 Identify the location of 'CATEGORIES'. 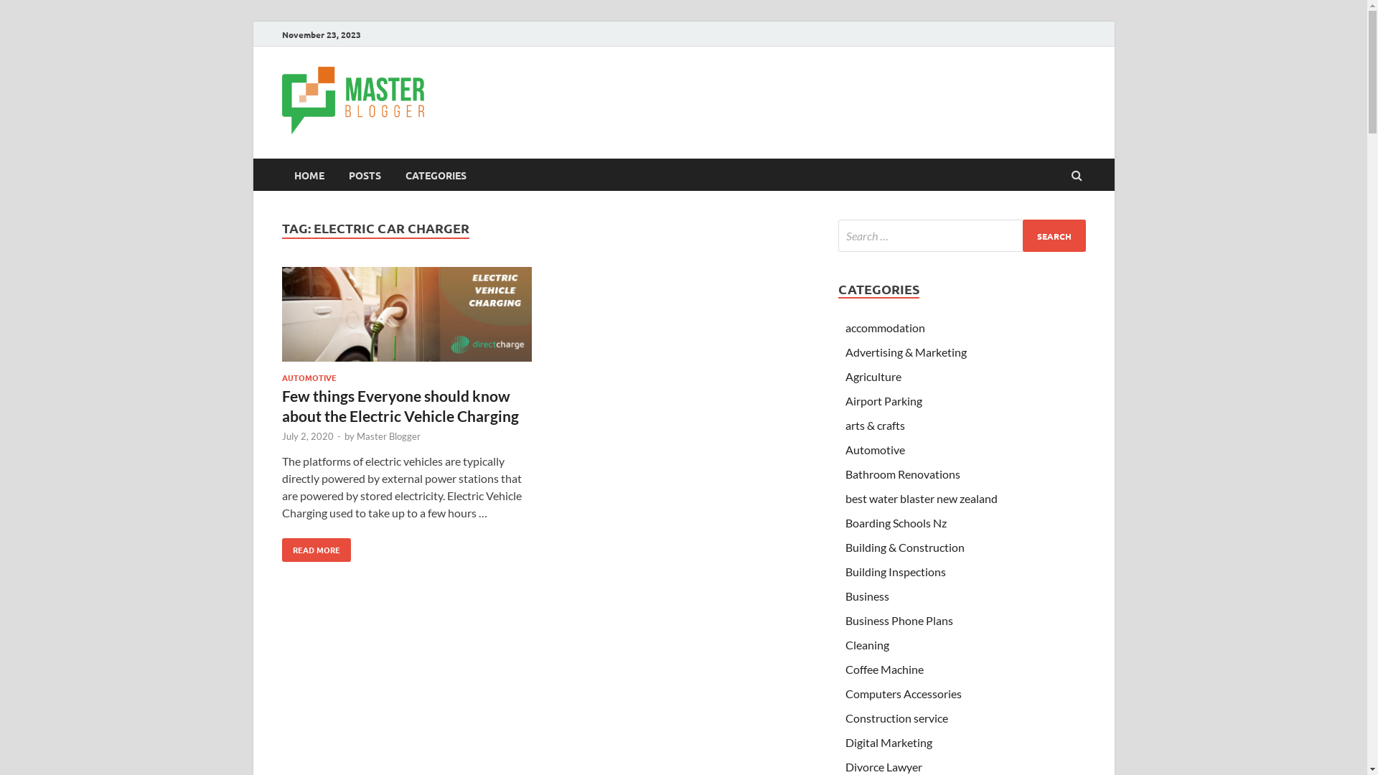
(393, 174).